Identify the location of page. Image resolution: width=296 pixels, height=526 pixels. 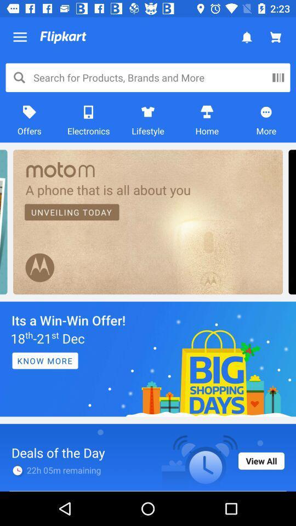
(148, 358).